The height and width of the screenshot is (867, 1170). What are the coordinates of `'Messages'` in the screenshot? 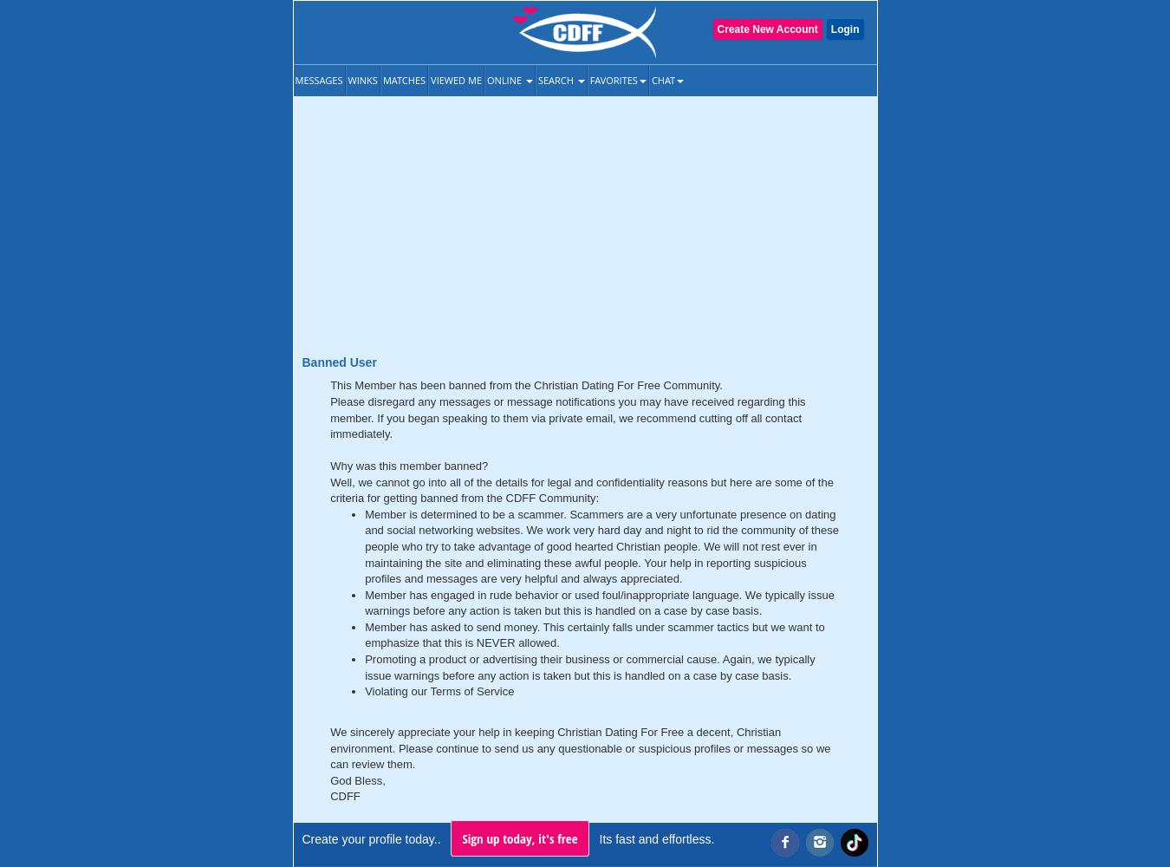 It's located at (318, 79).